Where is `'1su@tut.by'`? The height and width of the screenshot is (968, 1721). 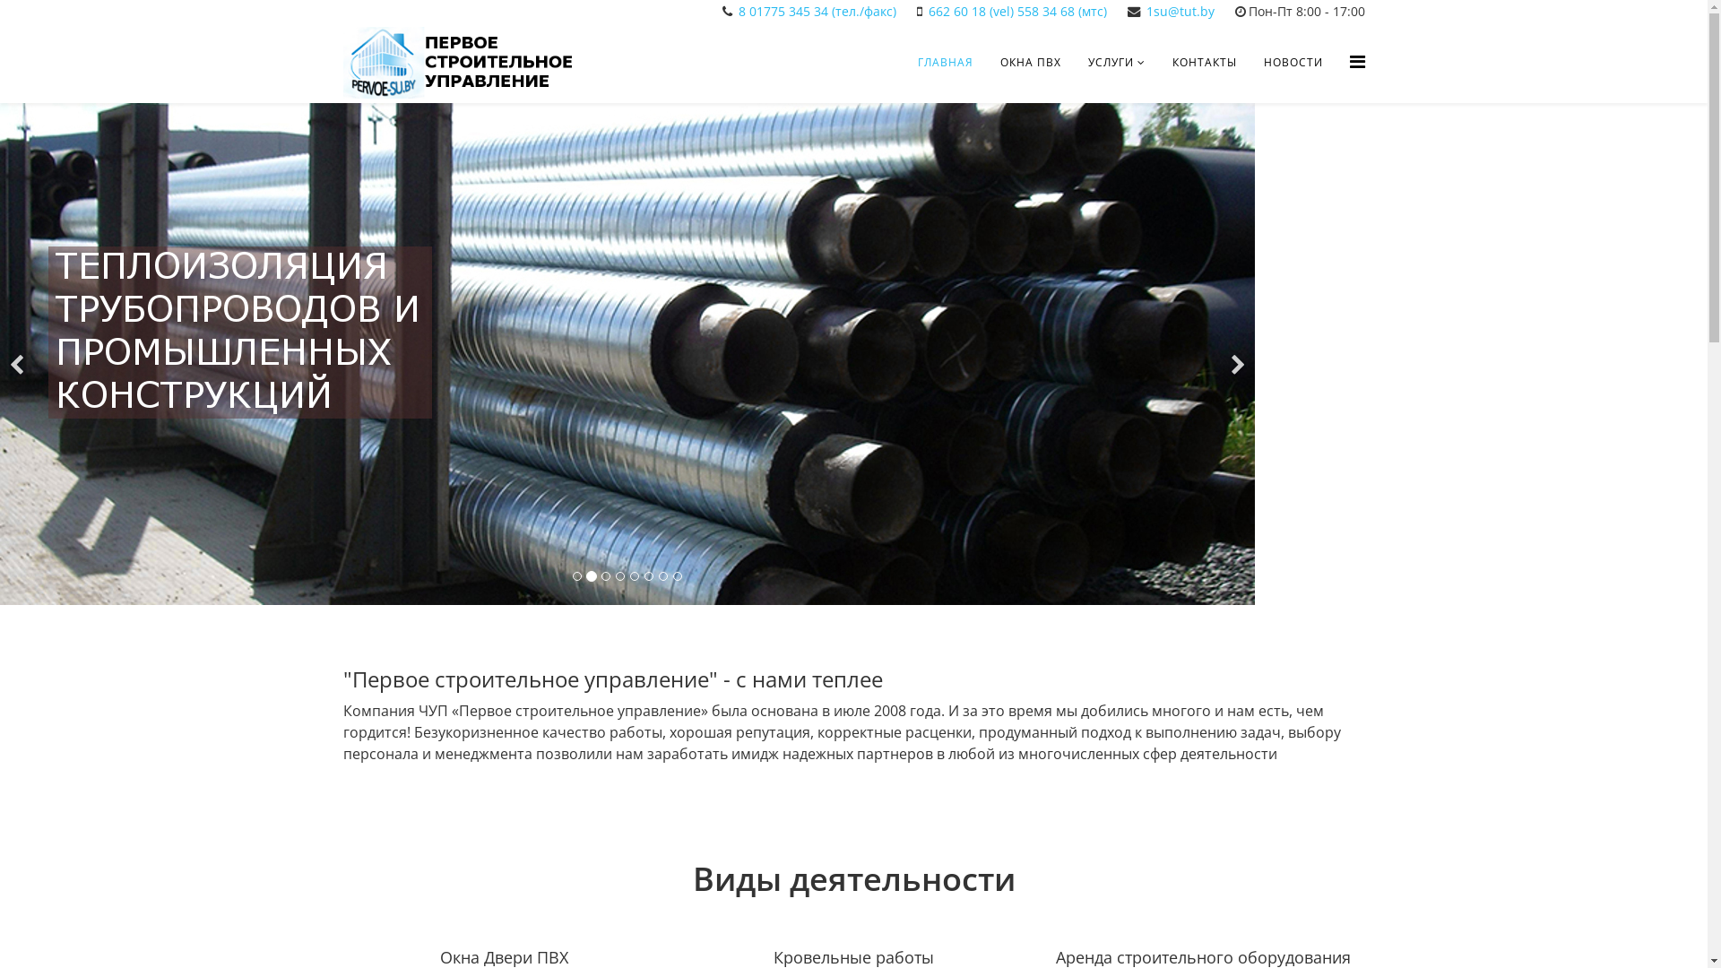
'1su@tut.by' is located at coordinates (1179, 11).